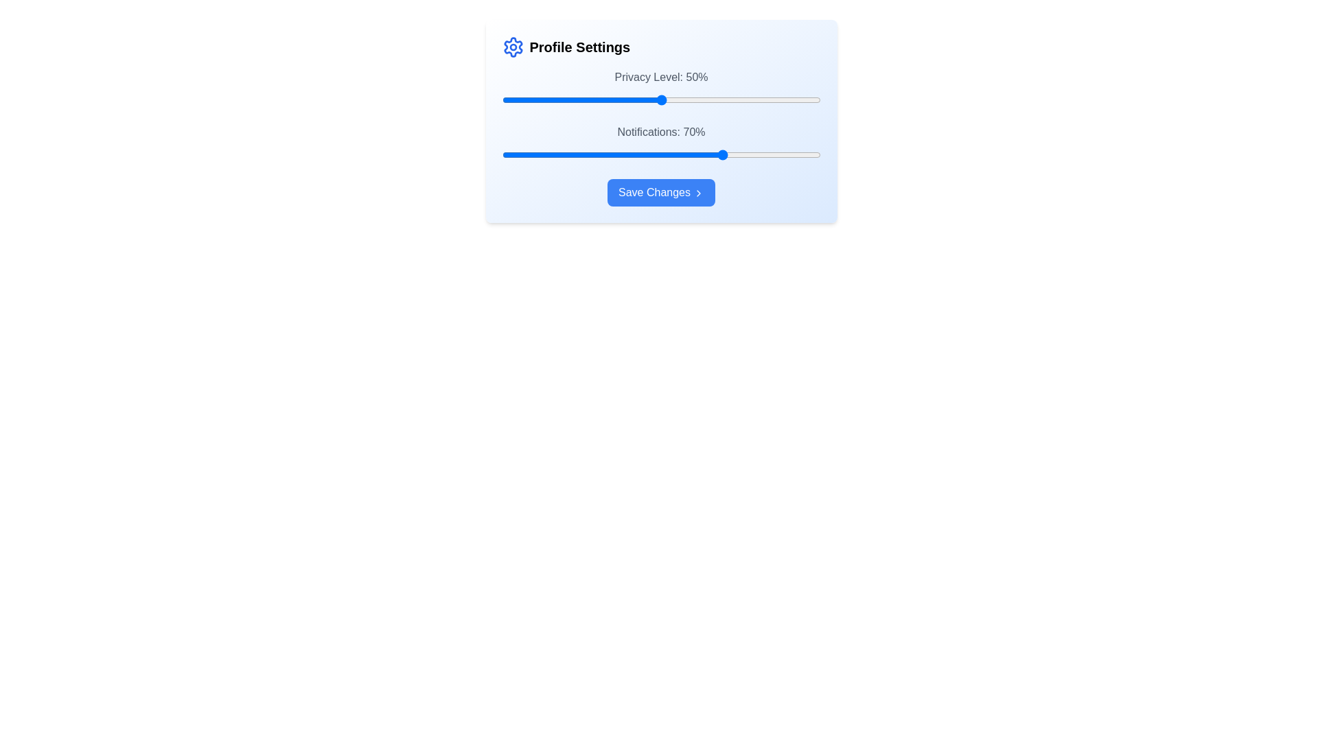 This screenshot has height=741, width=1318. Describe the element at coordinates (533, 154) in the screenshot. I see `the 'Notifications' slider to 10% by adjusting its position` at that location.